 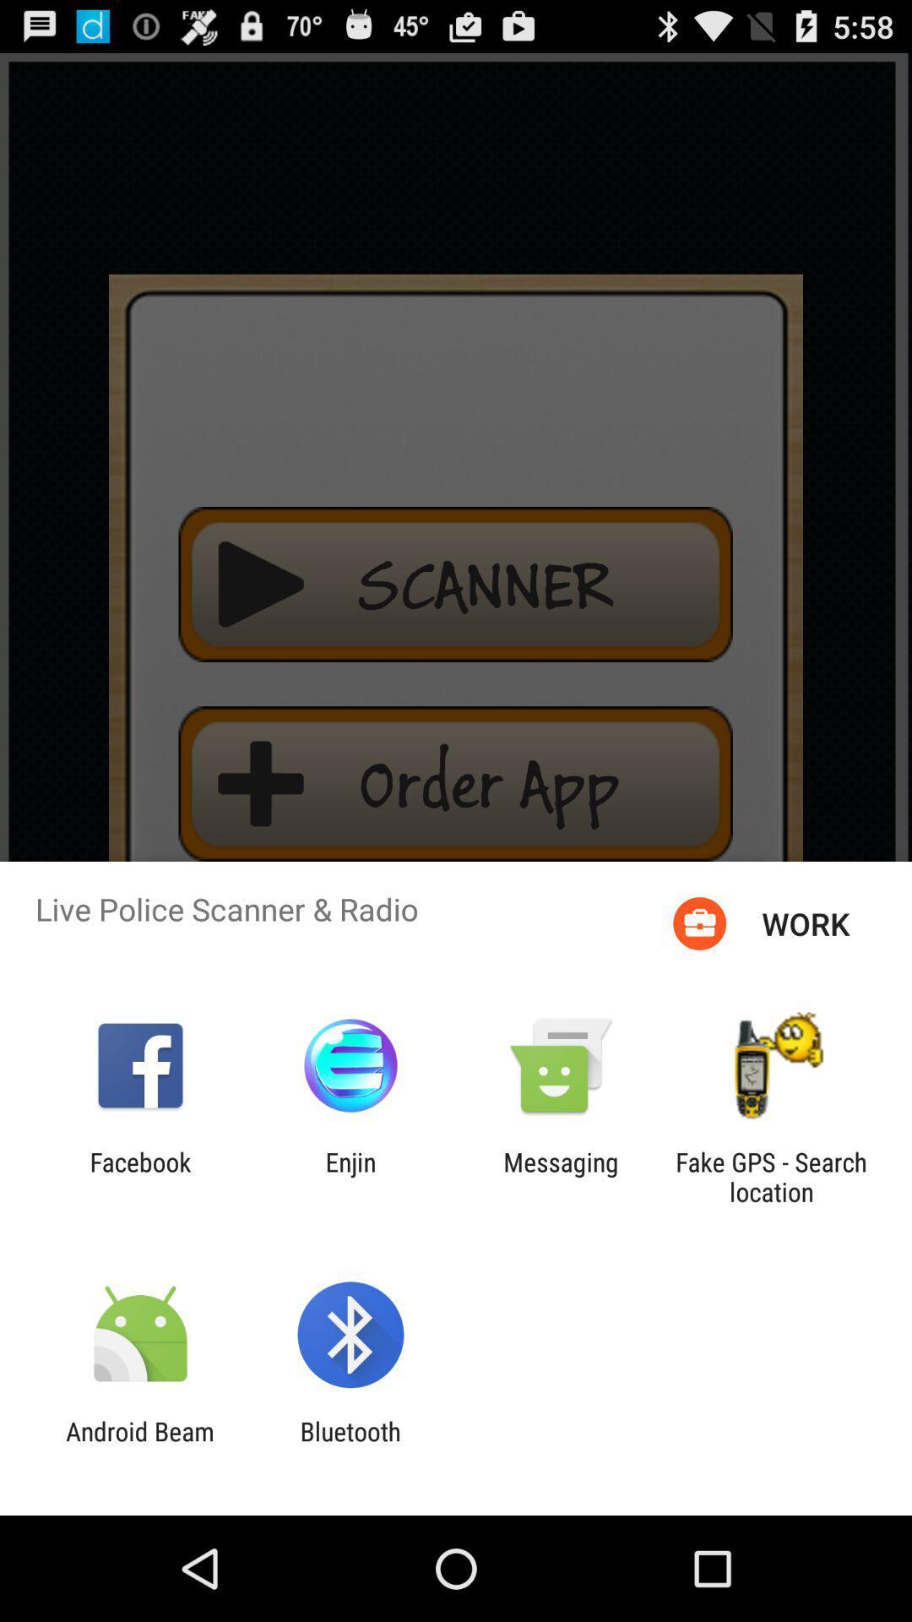 I want to click on the icon to the right of messaging, so click(x=771, y=1176).